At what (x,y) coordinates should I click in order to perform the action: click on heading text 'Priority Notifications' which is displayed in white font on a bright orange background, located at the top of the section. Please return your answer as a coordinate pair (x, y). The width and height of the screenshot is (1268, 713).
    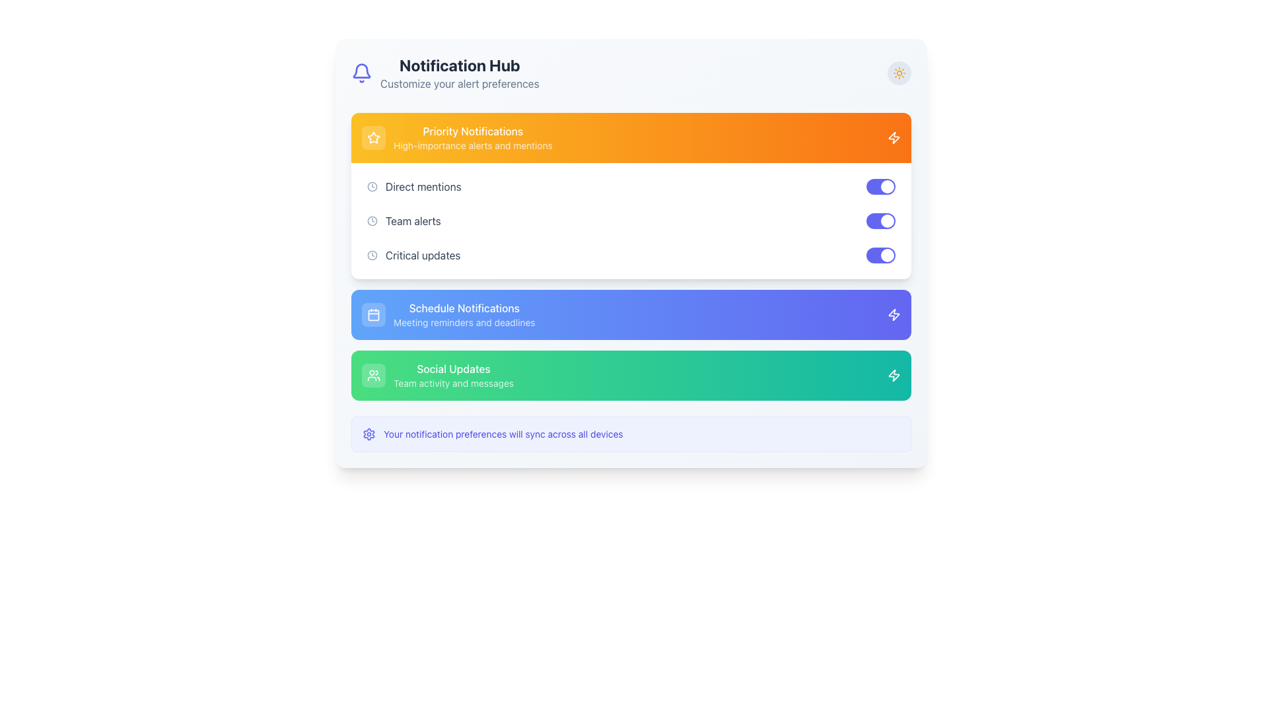
    Looking at the image, I should click on (473, 131).